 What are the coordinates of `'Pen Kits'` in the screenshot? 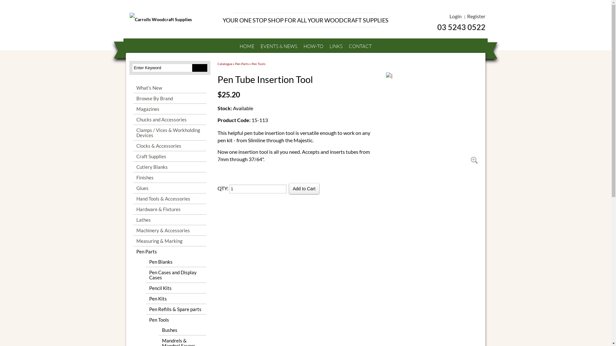 It's located at (176, 299).